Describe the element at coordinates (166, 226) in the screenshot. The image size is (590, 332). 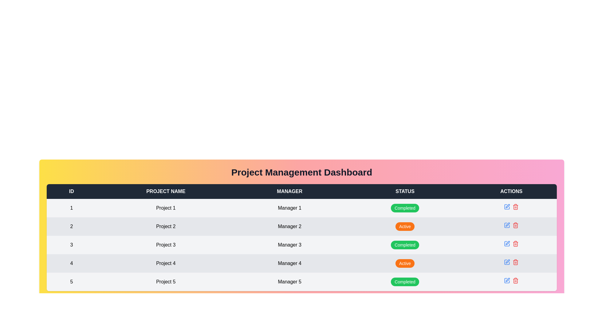
I see `the text label displaying 'Project 2' in the project management dashboard, located in the second column of the second row under the 'PROJECT NAME' header` at that location.